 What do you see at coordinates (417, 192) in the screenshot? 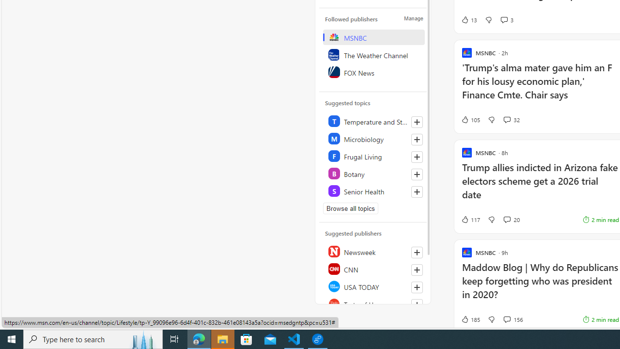
I see `'Follow this topic'` at bounding box center [417, 192].